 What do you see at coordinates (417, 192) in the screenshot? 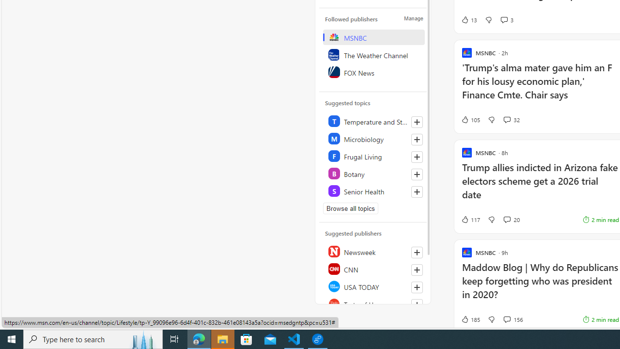
I see `'Follow this topic'` at bounding box center [417, 192].